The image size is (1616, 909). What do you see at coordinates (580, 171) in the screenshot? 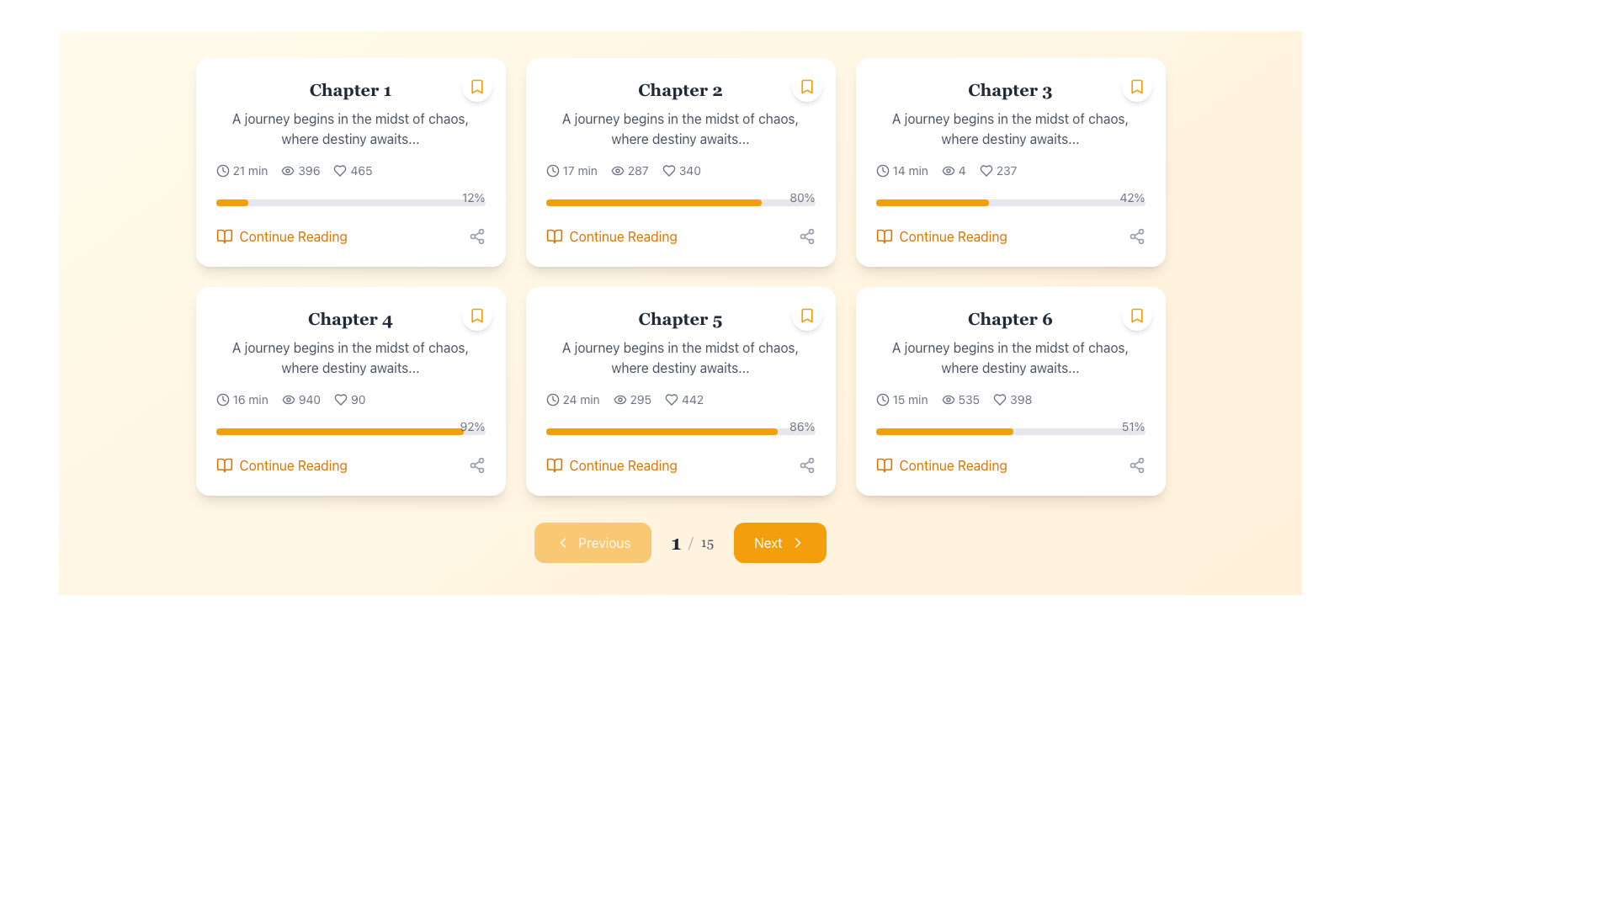
I see `estimated reading time displayed in the text element located below the chapter title and description of 'Chapter 2'` at bounding box center [580, 171].